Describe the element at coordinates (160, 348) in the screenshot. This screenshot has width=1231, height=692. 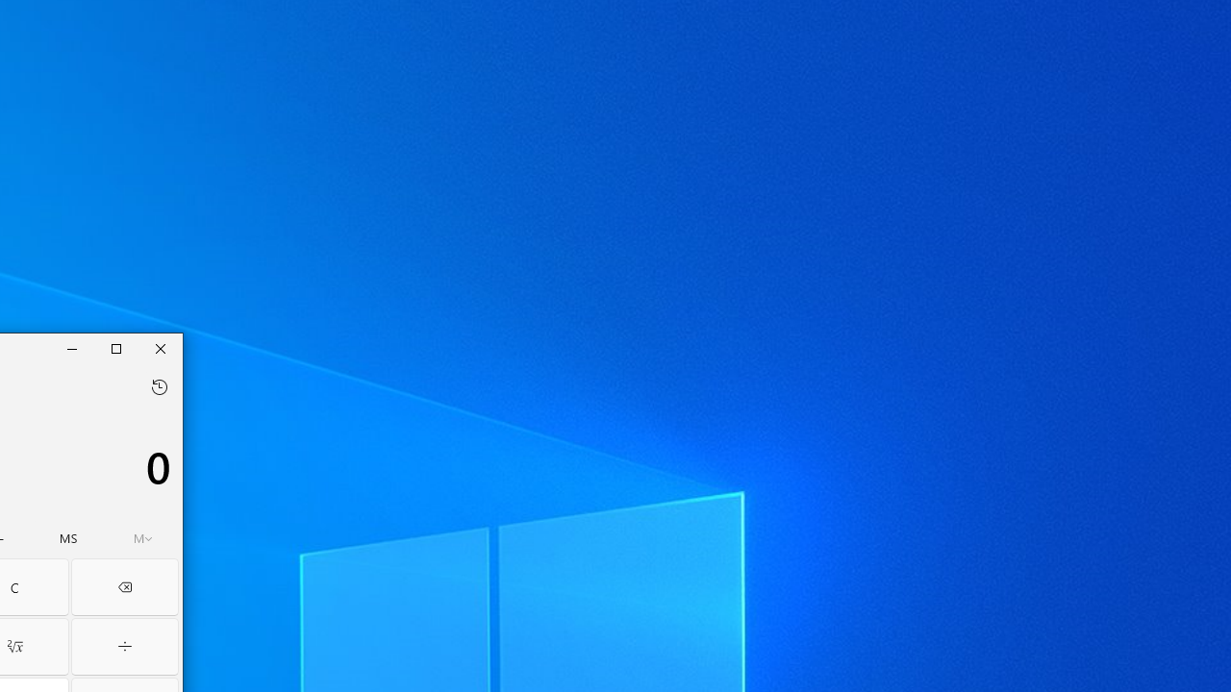
I see `'Close Calculator'` at that location.